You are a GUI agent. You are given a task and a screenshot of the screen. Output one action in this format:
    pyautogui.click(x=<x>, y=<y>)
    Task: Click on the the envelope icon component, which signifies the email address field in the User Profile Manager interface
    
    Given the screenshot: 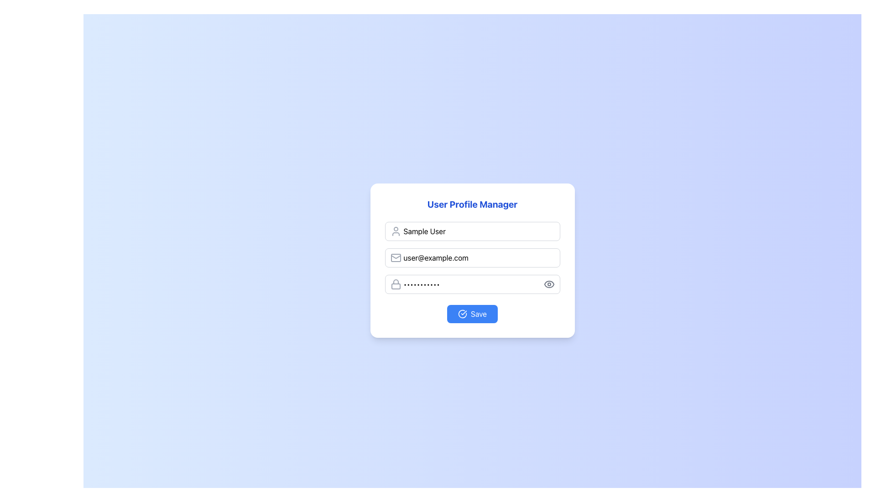 What is the action you would take?
    pyautogui.click(x=396, y=257)
    